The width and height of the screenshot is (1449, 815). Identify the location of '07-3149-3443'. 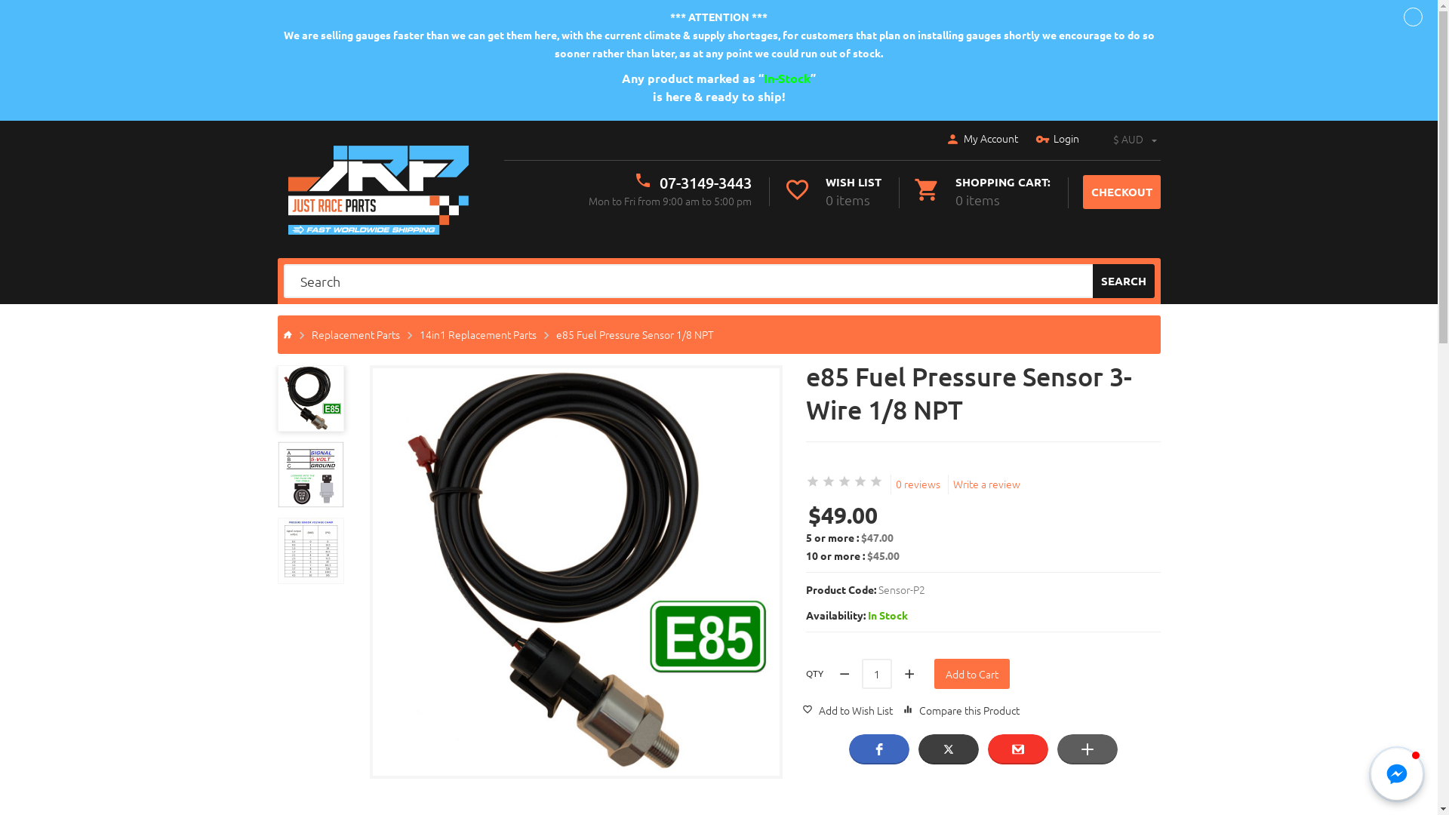
(659, 182).